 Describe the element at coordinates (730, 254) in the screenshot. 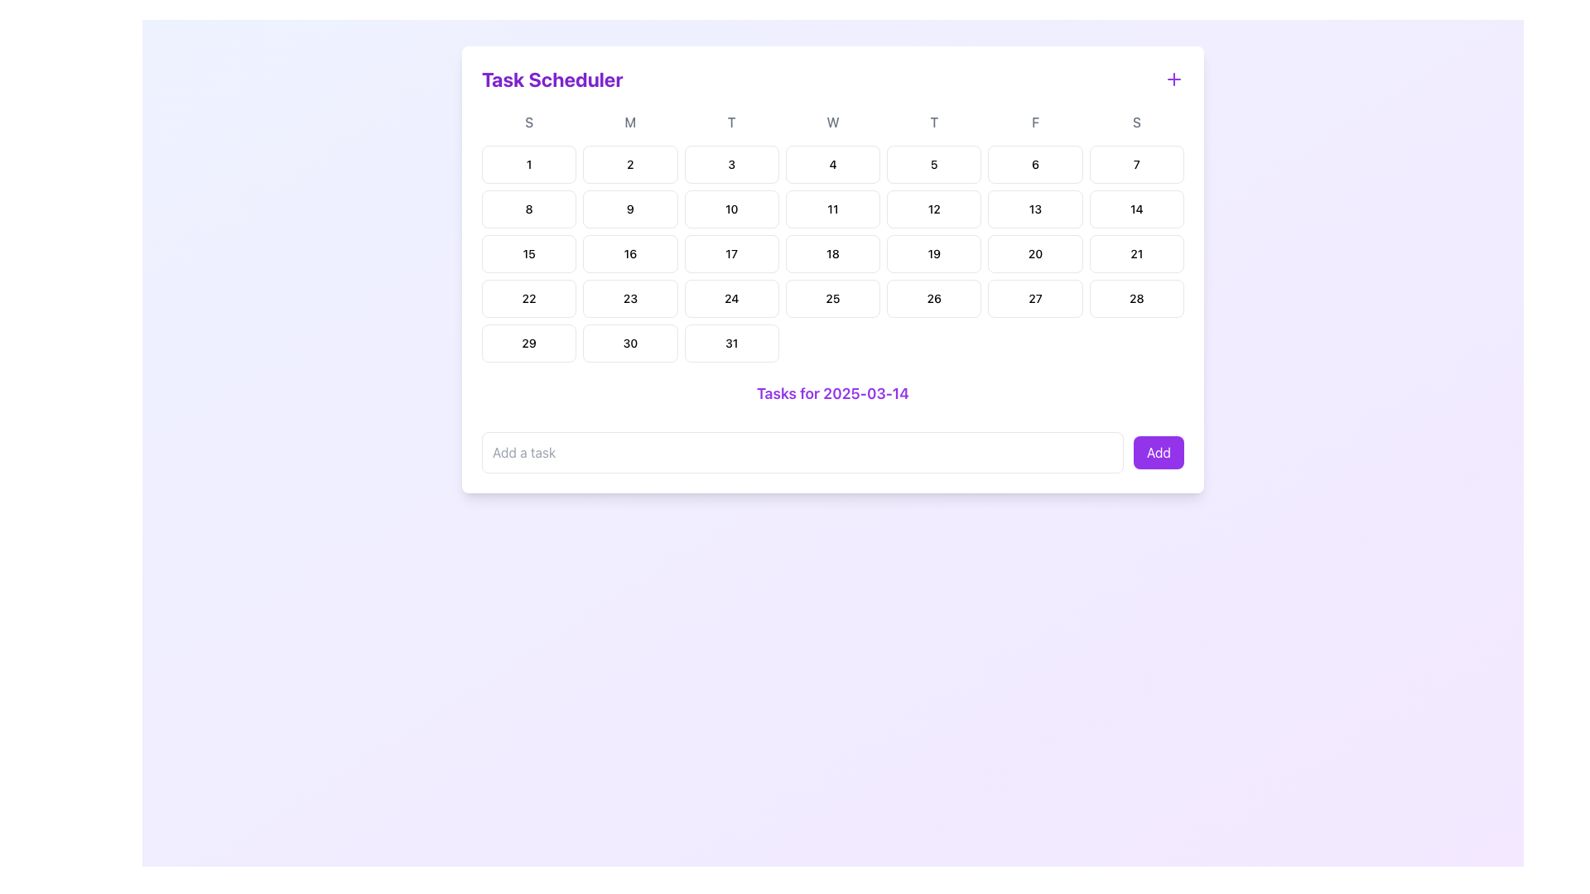

I see `the selectable calendar cell located` at that location.